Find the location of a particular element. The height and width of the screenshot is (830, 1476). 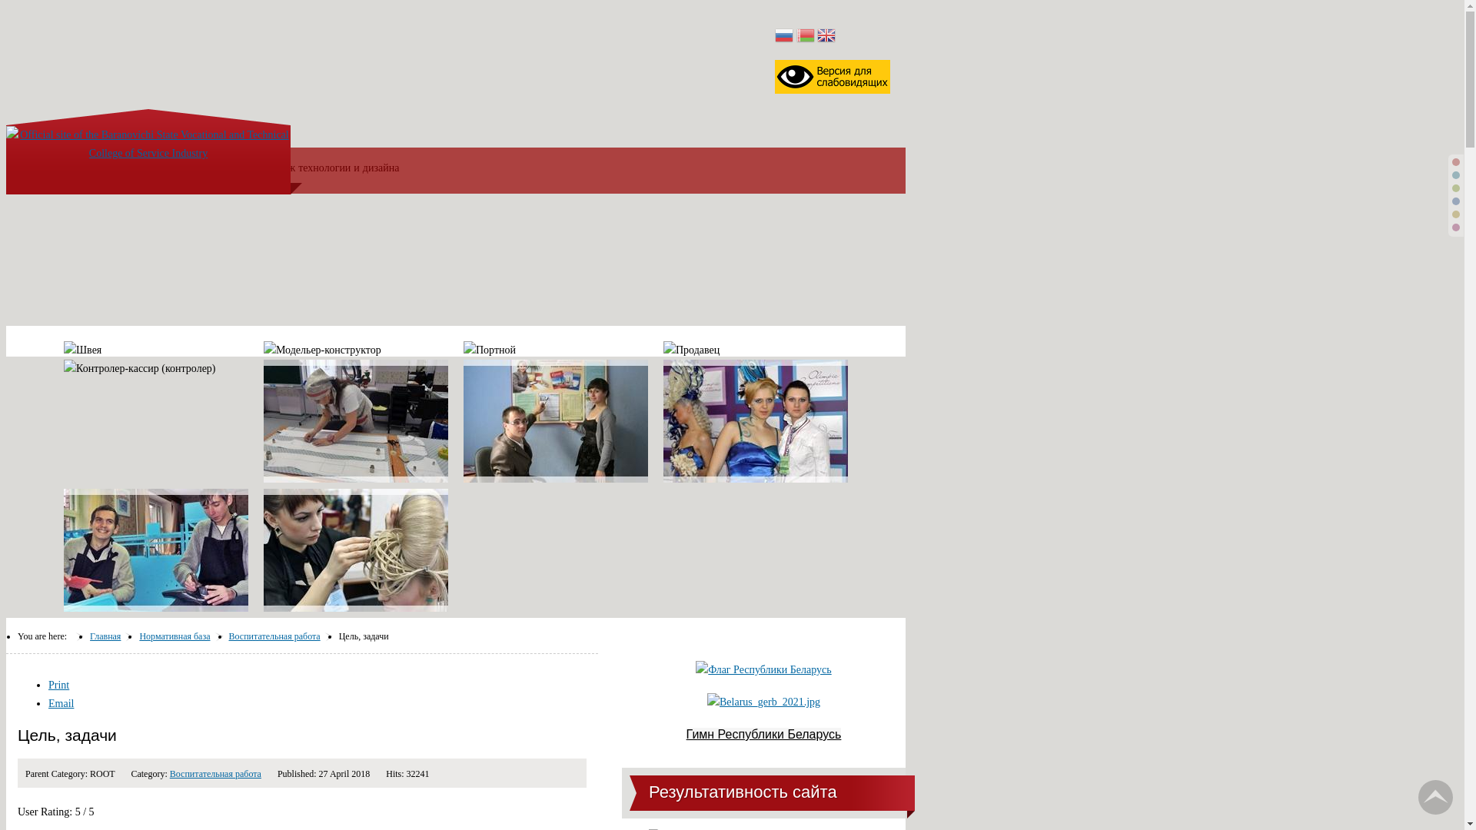

'Russian' is located at coordinates (783, 35).